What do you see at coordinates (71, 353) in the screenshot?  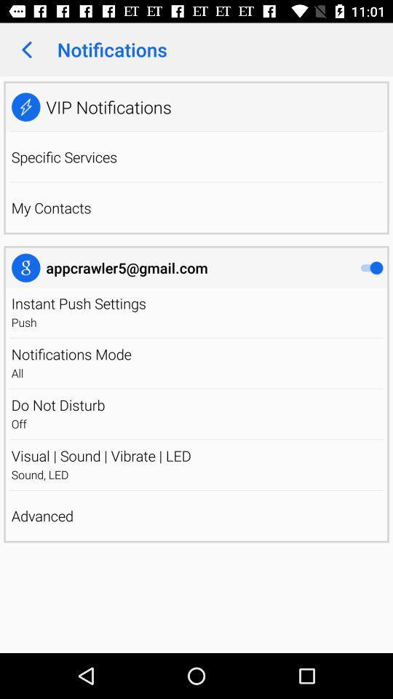 I see `the icon above the all` at bounding box center [71, 353].